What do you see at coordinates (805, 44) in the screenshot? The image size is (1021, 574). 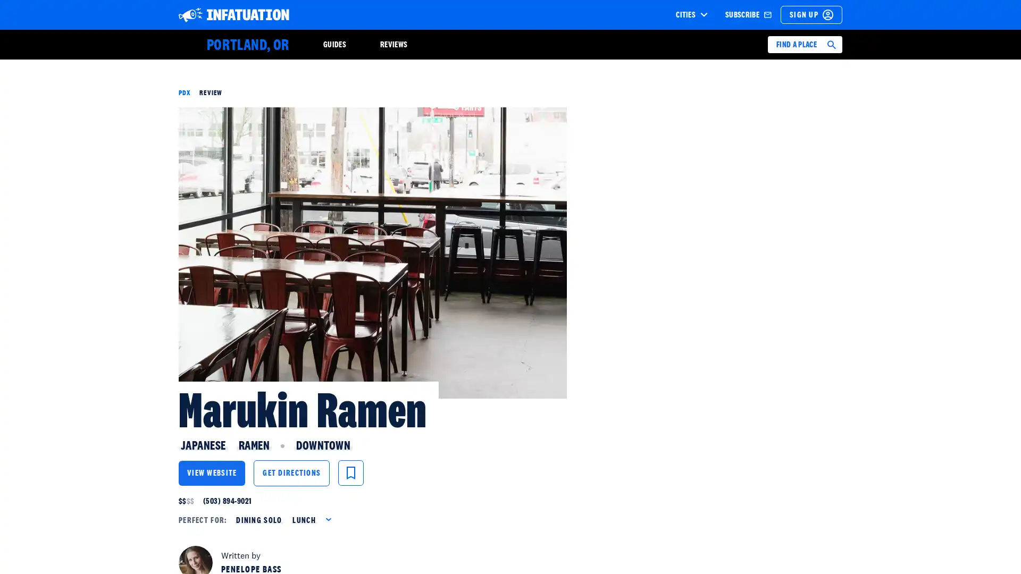 I see `FIND A PLACE` at bounding box center [805, 44].